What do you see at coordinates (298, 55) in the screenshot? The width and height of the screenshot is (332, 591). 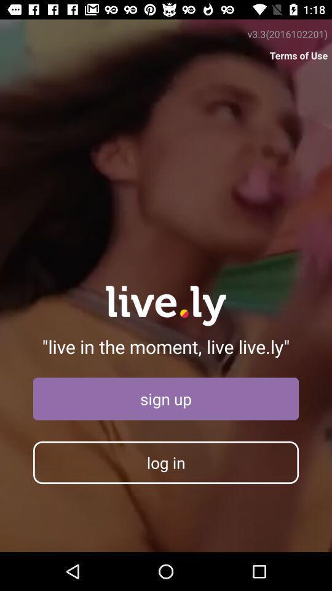 I see `the item below the v3.3(2016102201) item` at bounding box center [298, 55].